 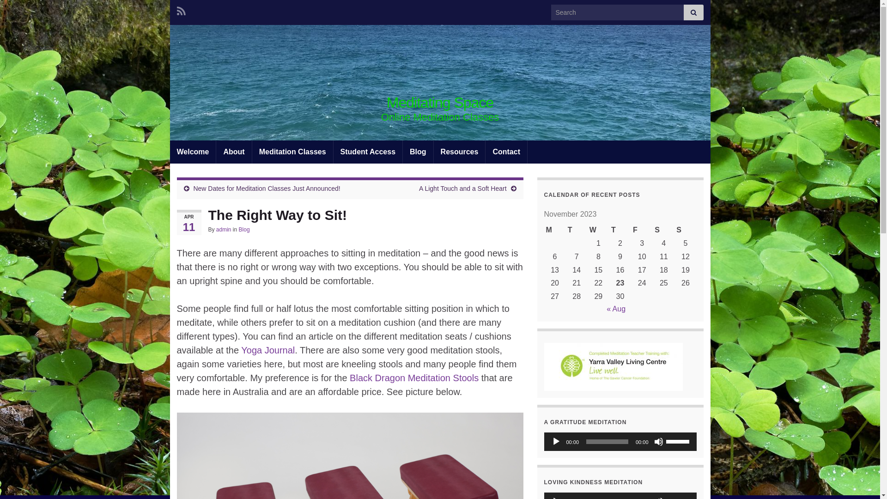 What do you see at coordinates (292, 151) in the screenshot?
I see `'Meditation Classes'` at bounding box center [292, 151].